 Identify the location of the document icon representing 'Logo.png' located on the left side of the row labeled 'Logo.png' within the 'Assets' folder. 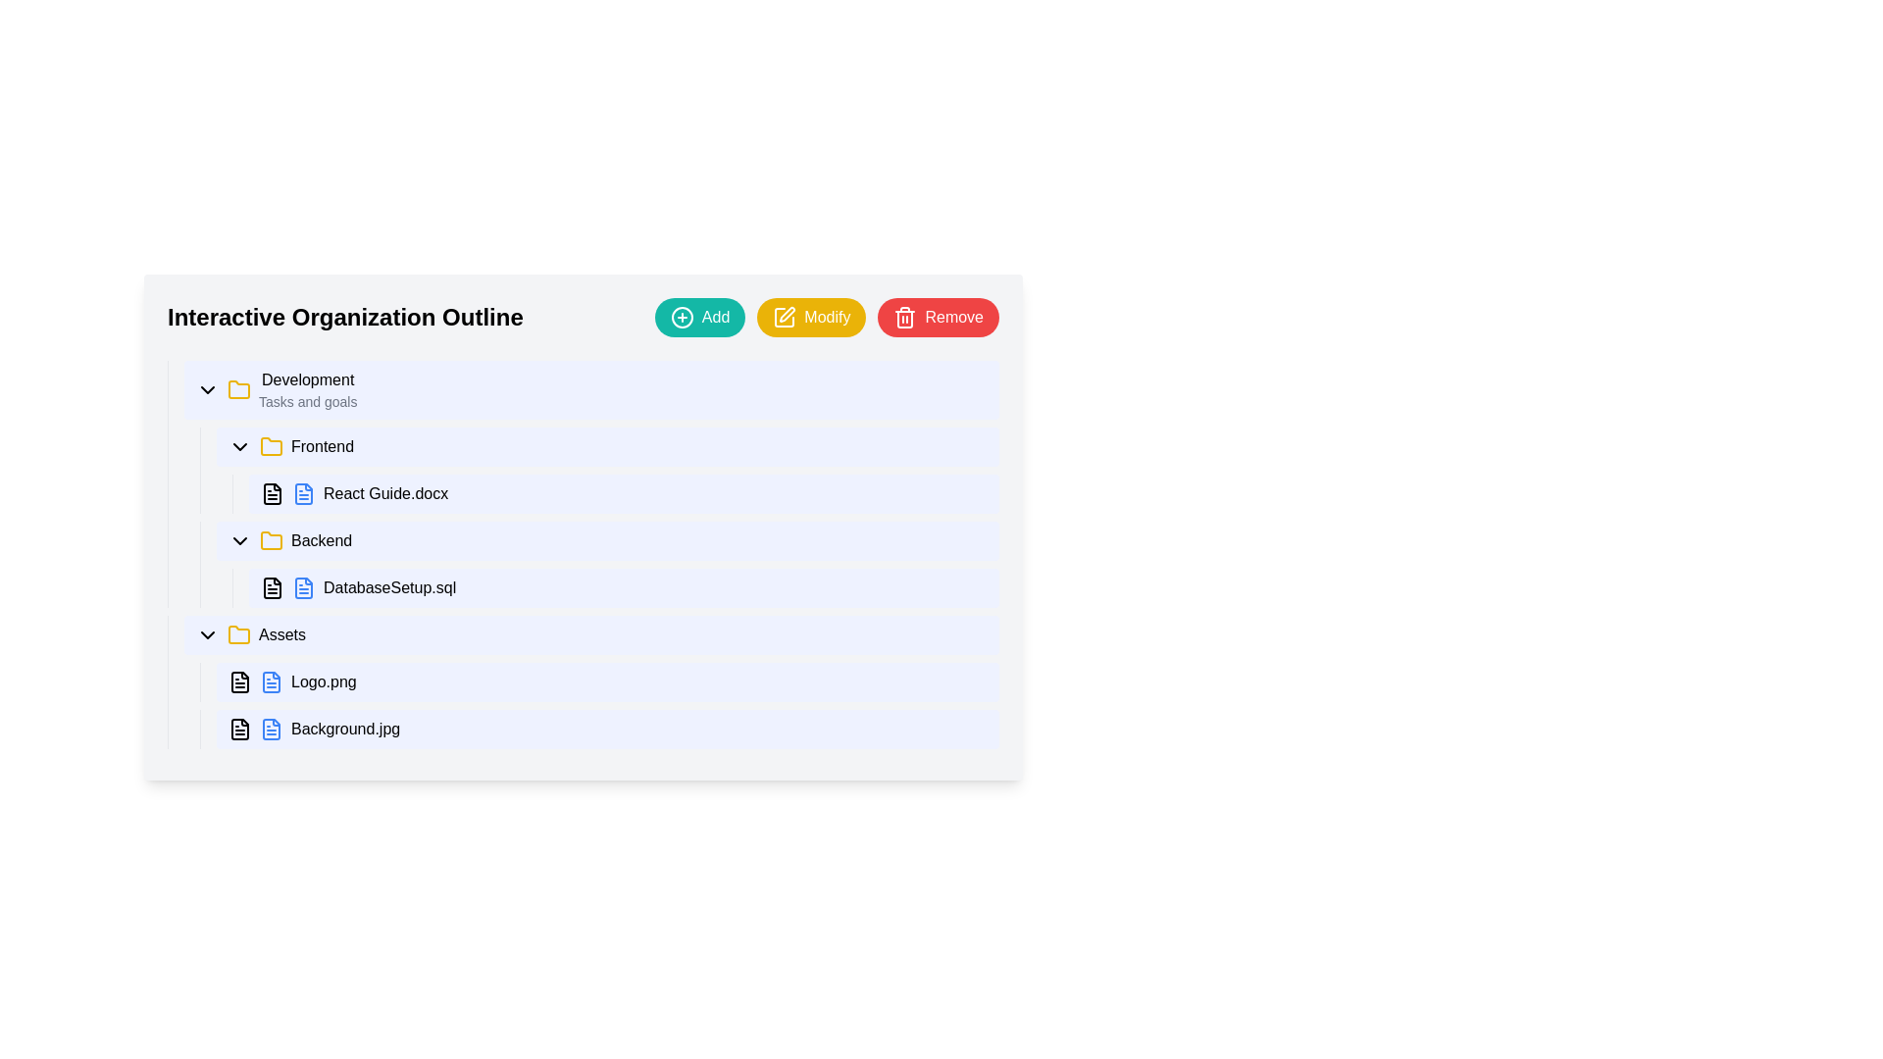
(271, 681).